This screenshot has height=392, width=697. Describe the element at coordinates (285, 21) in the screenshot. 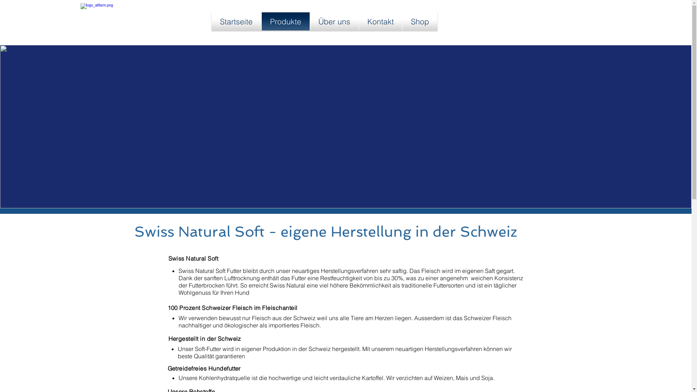

I see `'Produkte'` at that location.